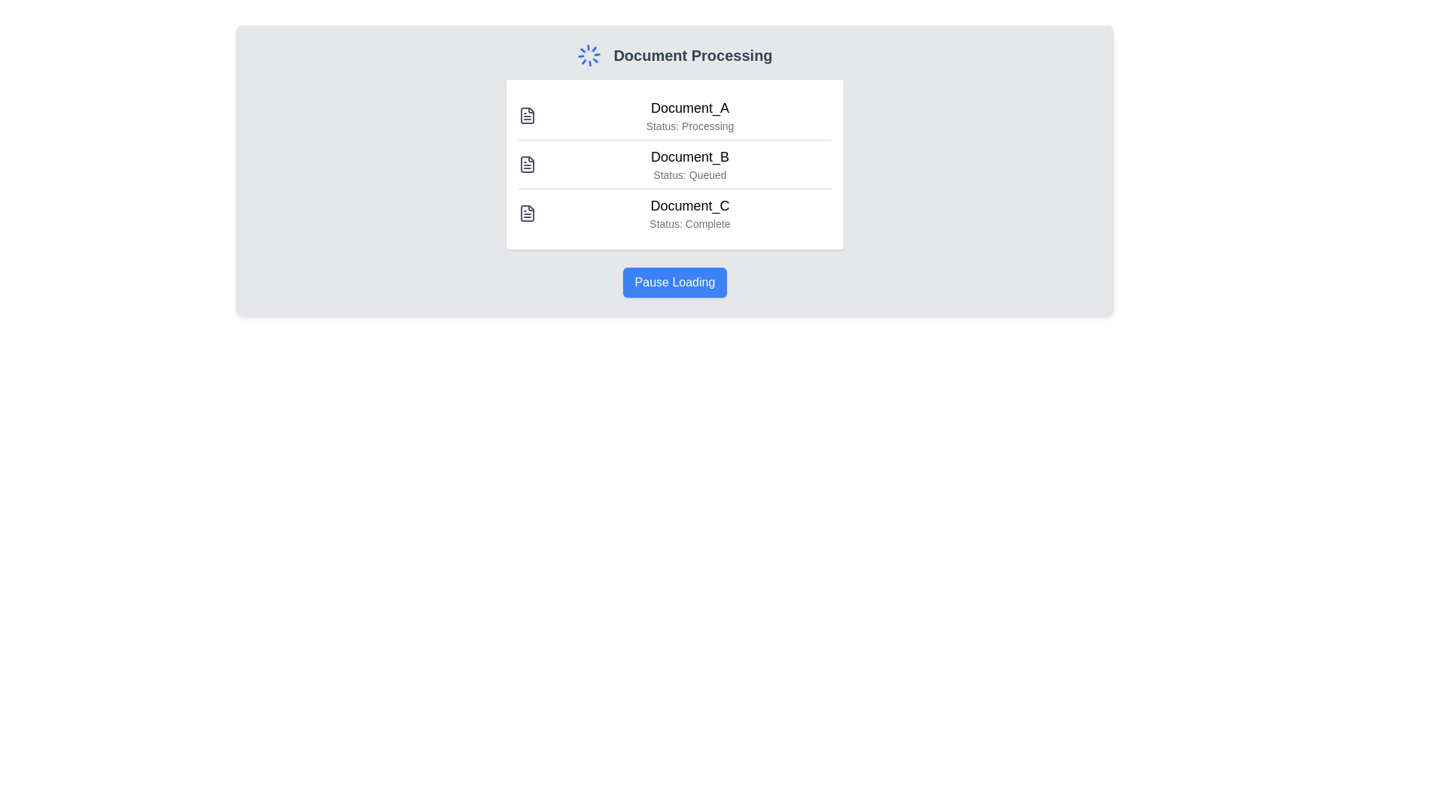  Describe the element at coordinates (689, 174) in the screenshot. I see `status information displayed by the text label indicating the state ('Queued') of the document titled 'Document_B', which is the second line of text under its title in the document list` at that location.